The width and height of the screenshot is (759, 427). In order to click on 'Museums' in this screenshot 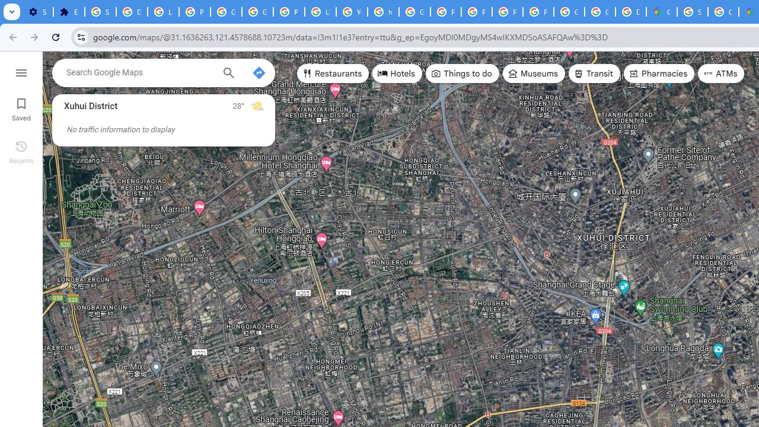, I will do `click(533, 74)`.